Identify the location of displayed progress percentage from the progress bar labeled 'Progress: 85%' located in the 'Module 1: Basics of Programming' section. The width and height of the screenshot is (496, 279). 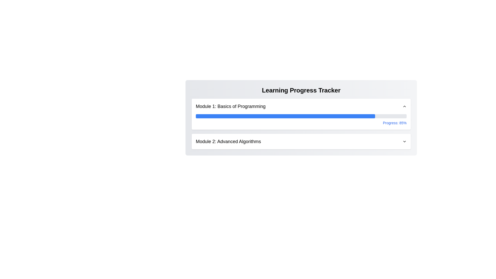
(301, 120).